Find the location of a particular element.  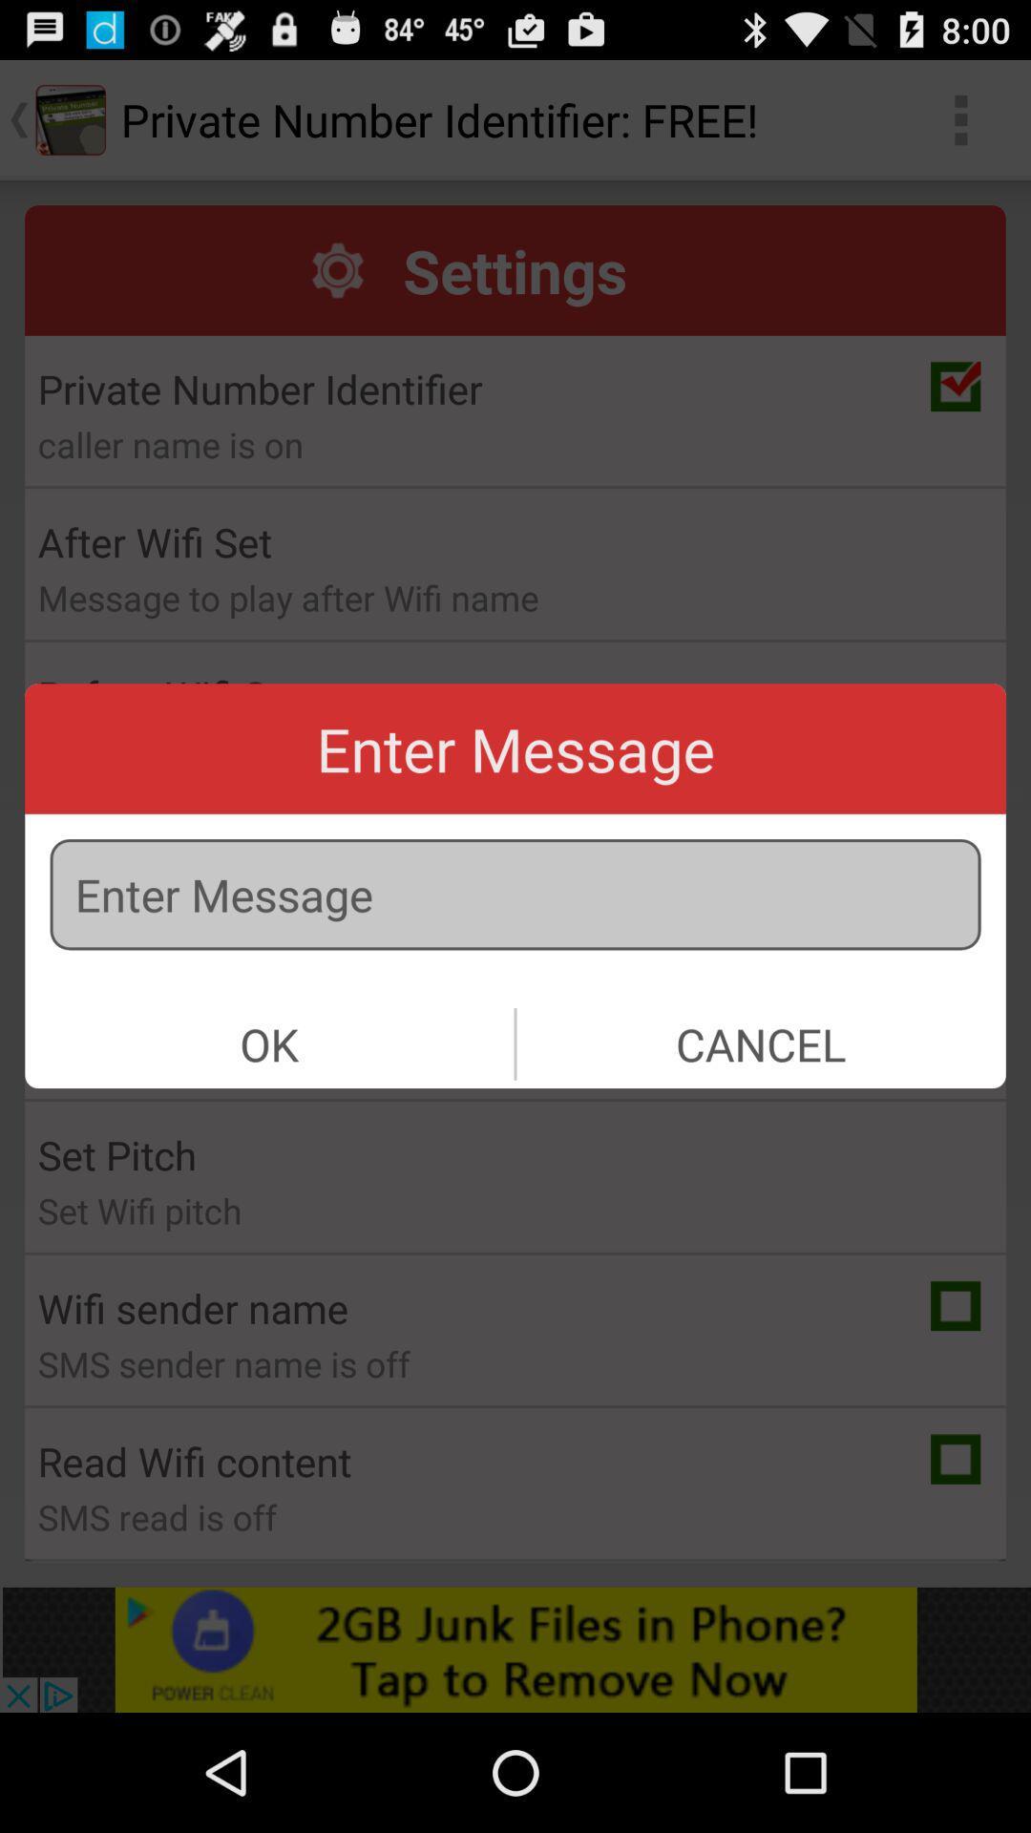

ok item is located at coordinates (269, 1043).